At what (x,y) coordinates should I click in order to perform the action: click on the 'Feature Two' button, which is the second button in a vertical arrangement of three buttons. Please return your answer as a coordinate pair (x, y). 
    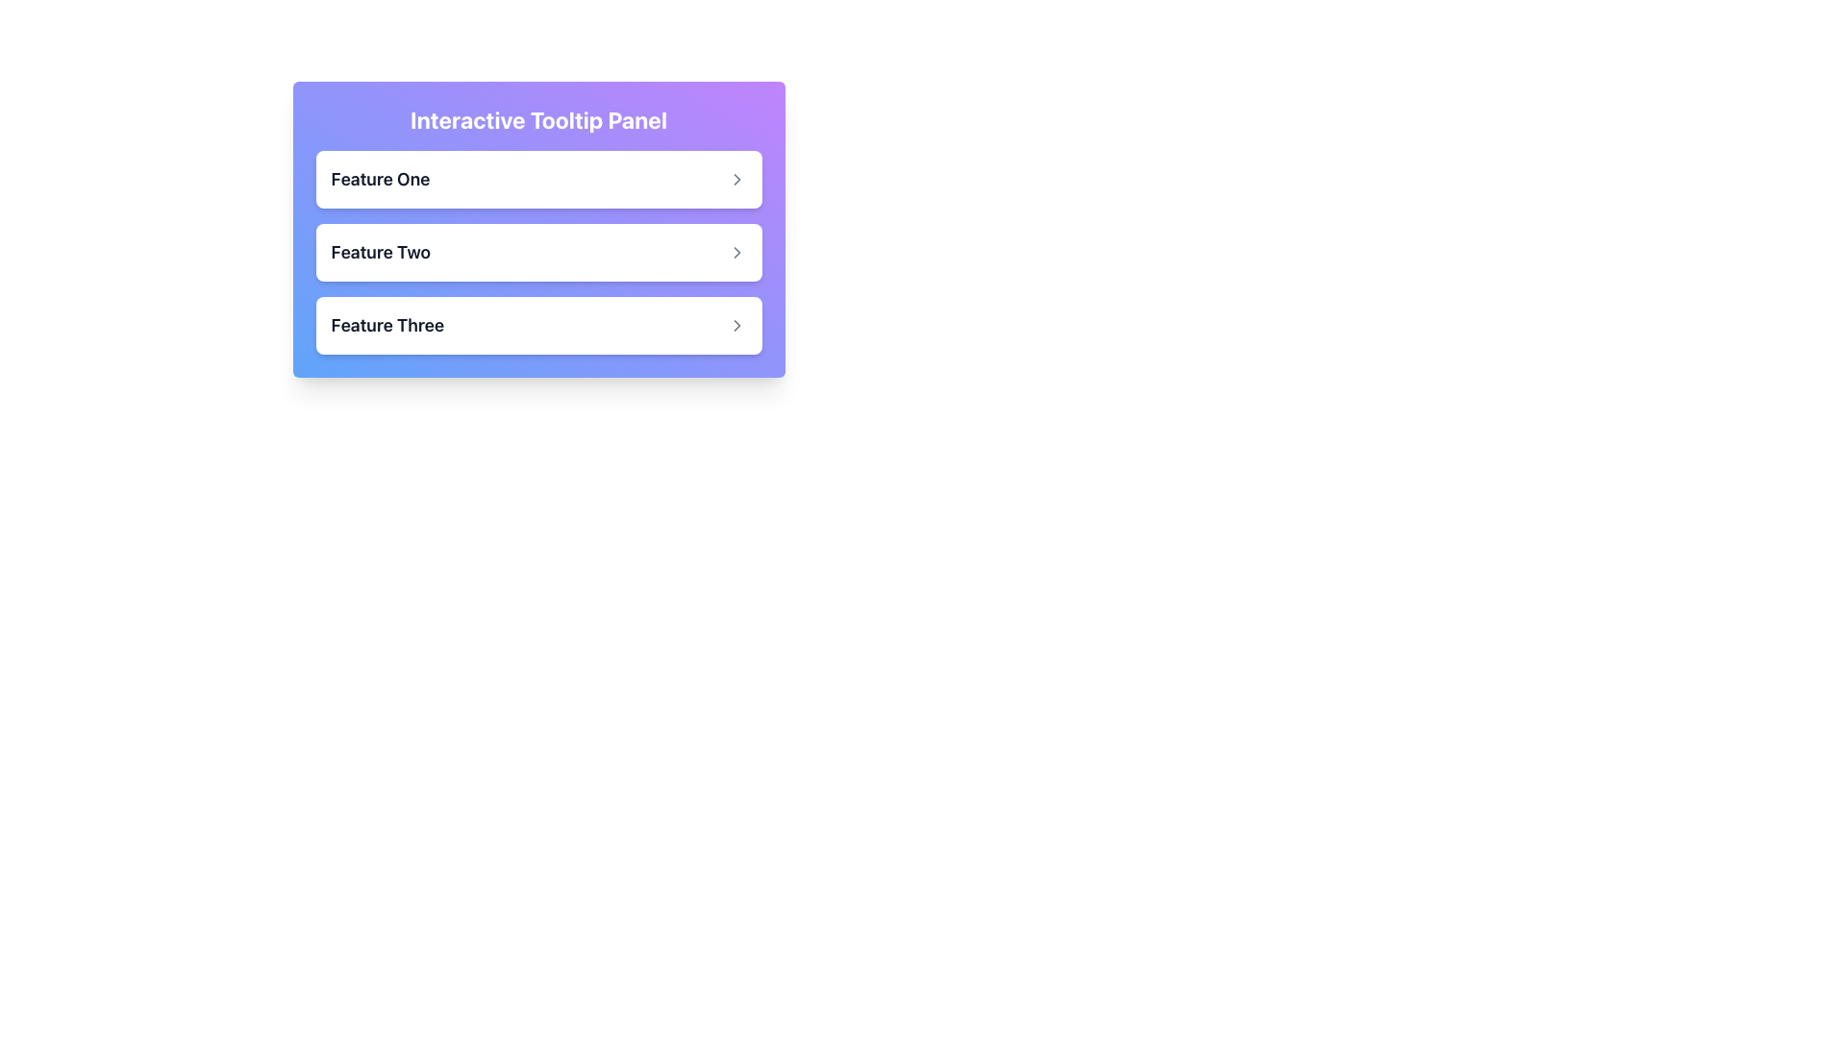
    Looking at the image, I should click on (538, 229).